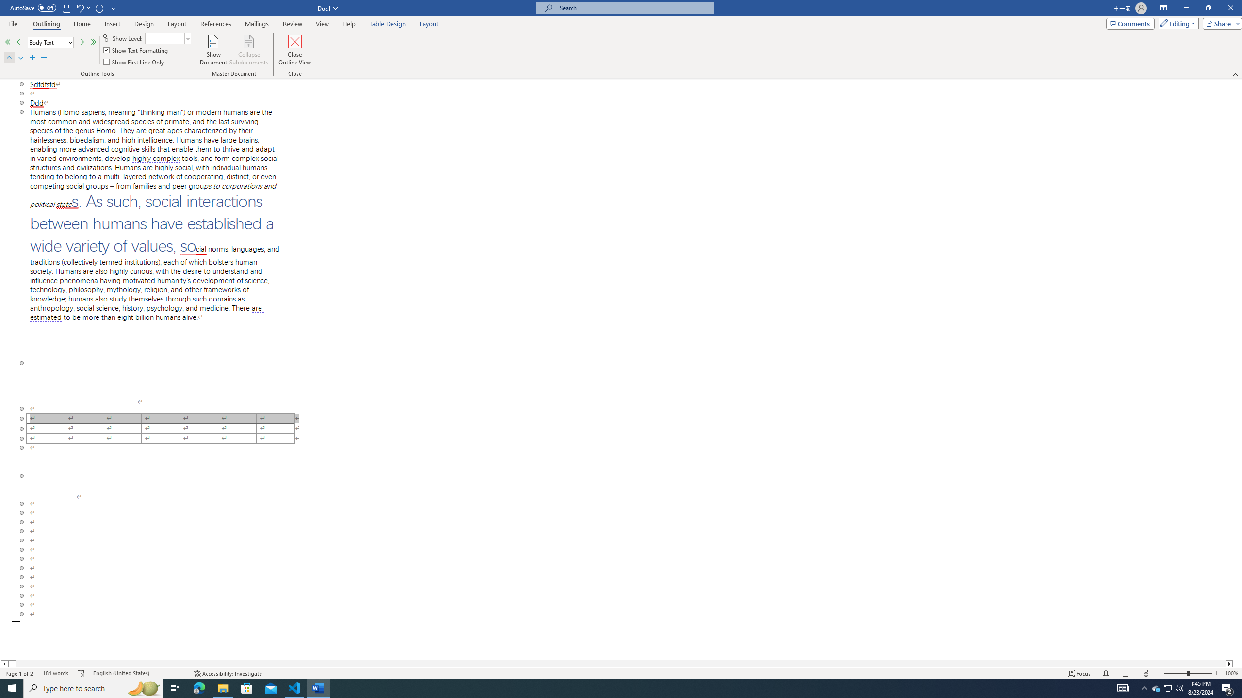 The height and width of the screenshot is (698, 1242). I want to click on 'Move Down', so click(20, 57).